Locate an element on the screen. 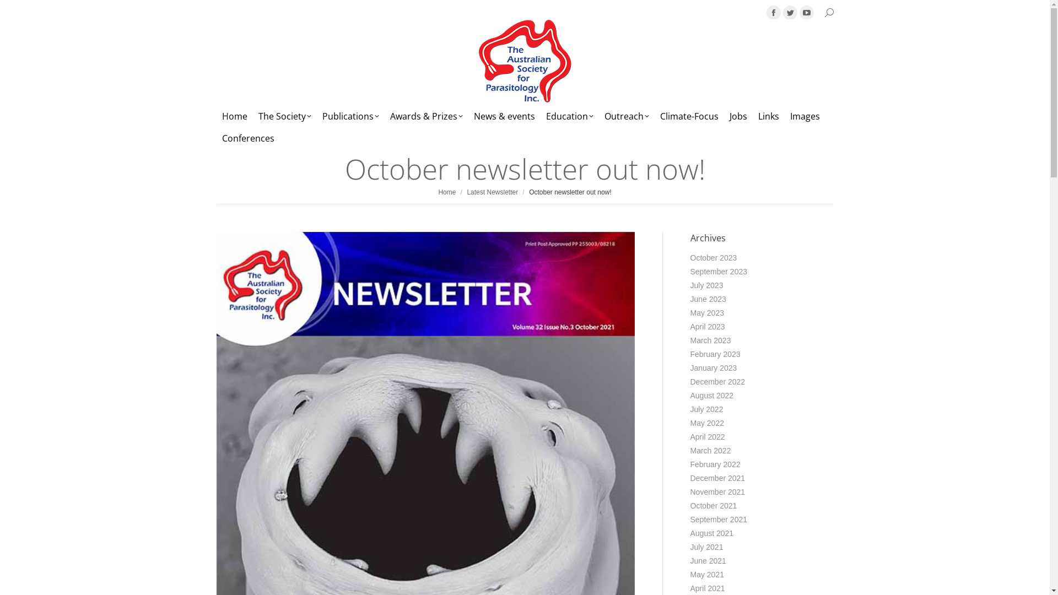 The height and width of the screenshot is (595, 1058). 'Images' is located at coordinates (805, 116).